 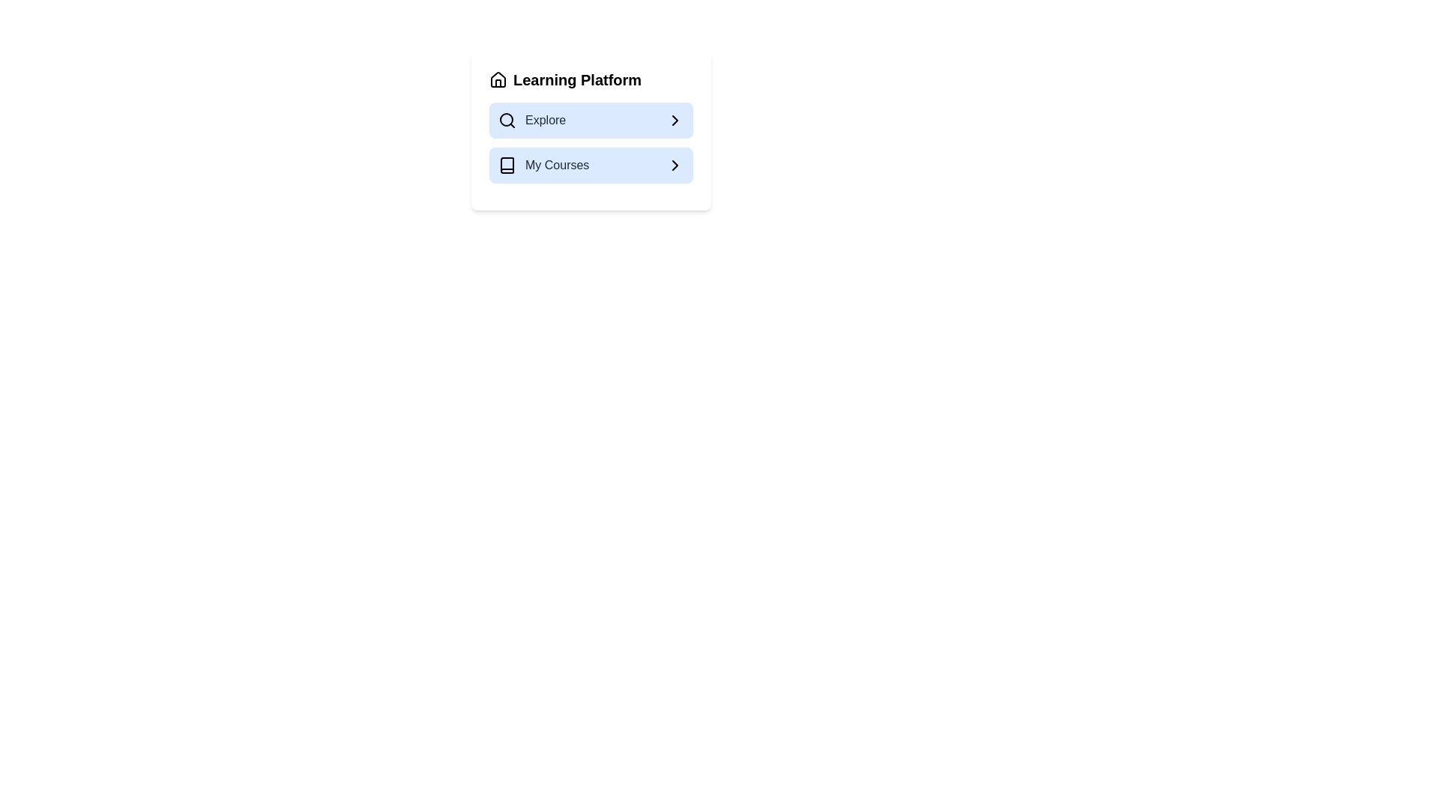 What do you see at coordinates (590, 165) in the screenshot?
I see `the 'My Courses' button, which is a light blue rectangular button with rounded corners, located below the 'Explore' button in the 'Learning Platform' card` at bounding box center [590, 165].